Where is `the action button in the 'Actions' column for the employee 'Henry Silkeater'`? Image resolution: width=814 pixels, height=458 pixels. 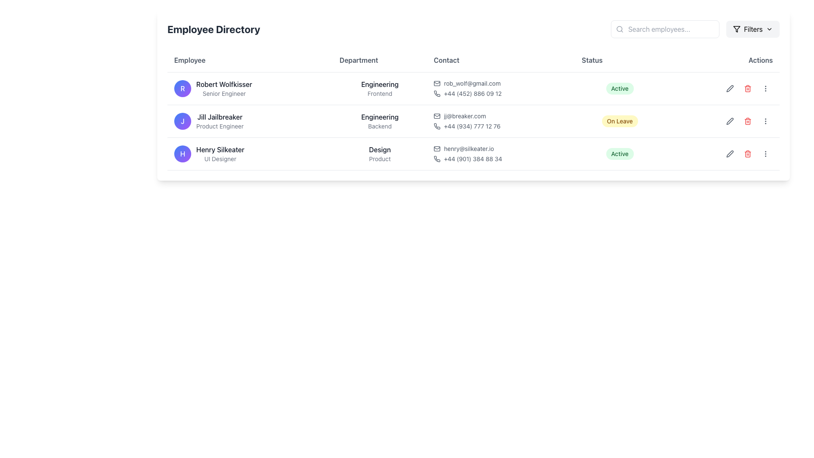 the action button in the 'Actions' column for the employee 'Henry Silkeater' is located at coordinates (765, 88).